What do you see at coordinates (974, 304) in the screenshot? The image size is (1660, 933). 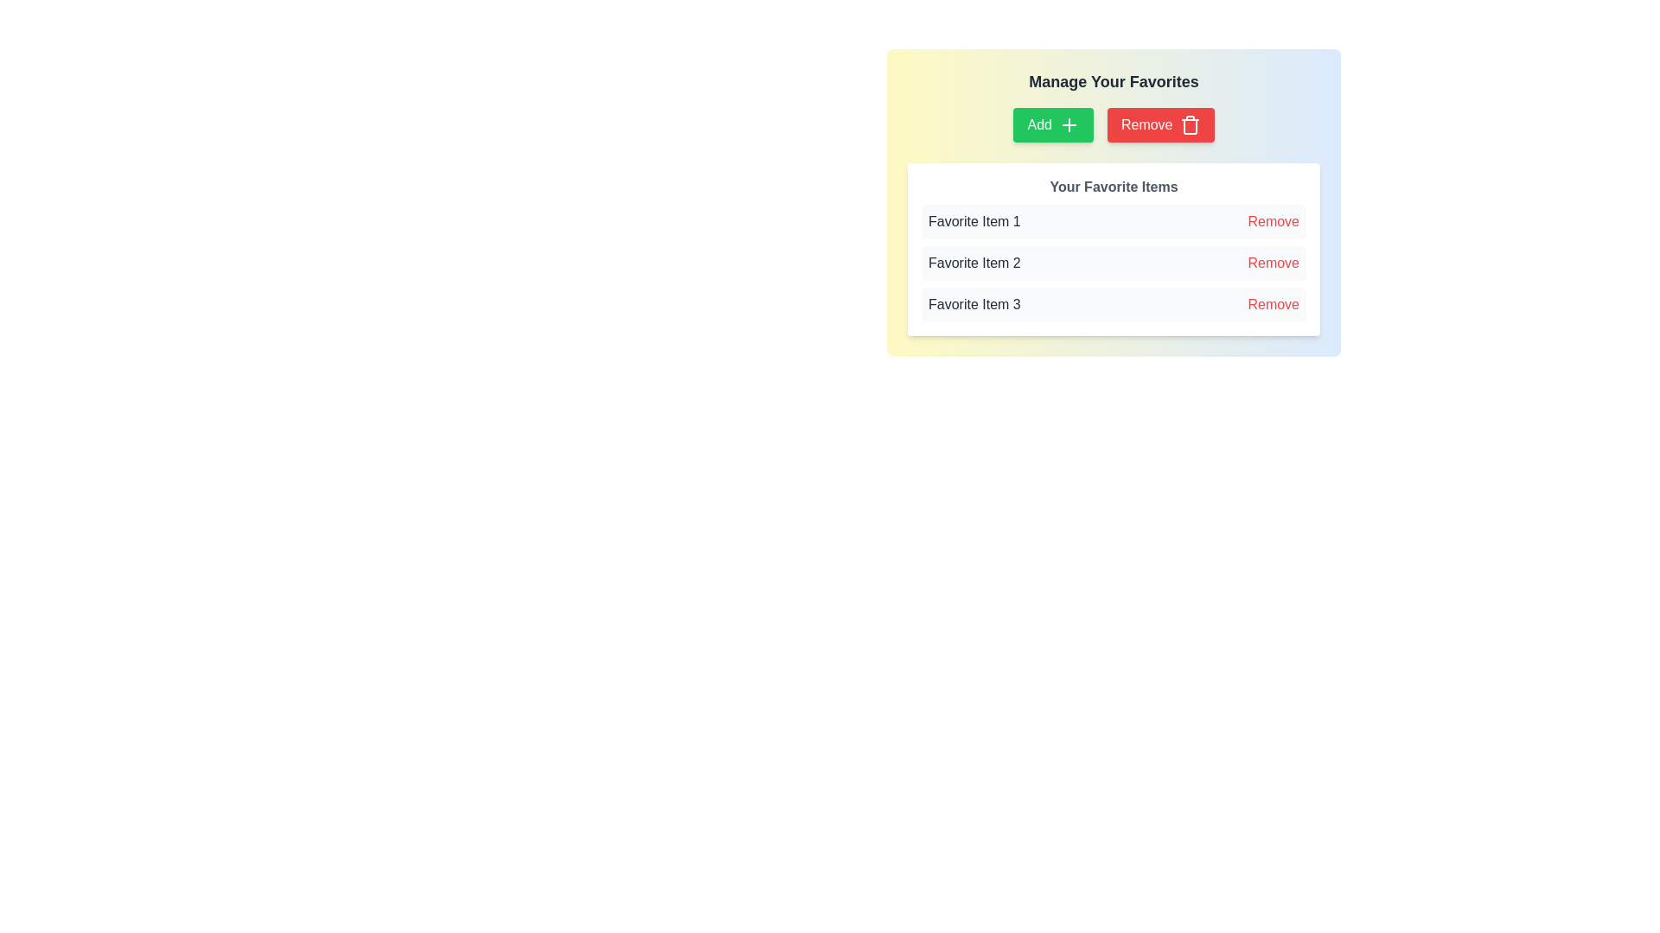 I see `the static text label that displays the title of an item in the favorites list, located in the third row under 'Your Favorite Items'` at bounding box center [974, 304].